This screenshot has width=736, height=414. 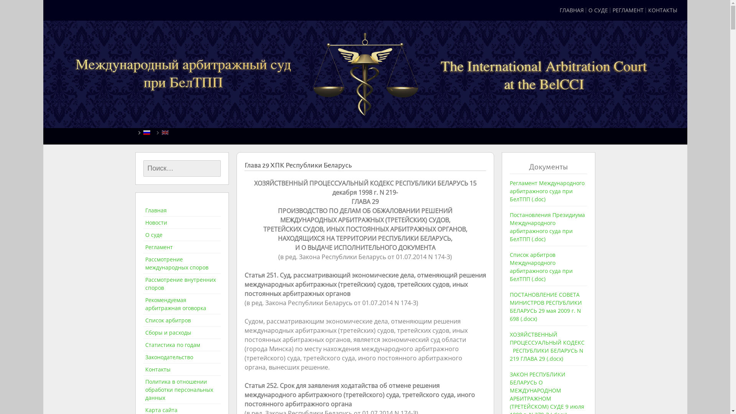 I want to click on 'English (en)', so click(x=165, y=131).